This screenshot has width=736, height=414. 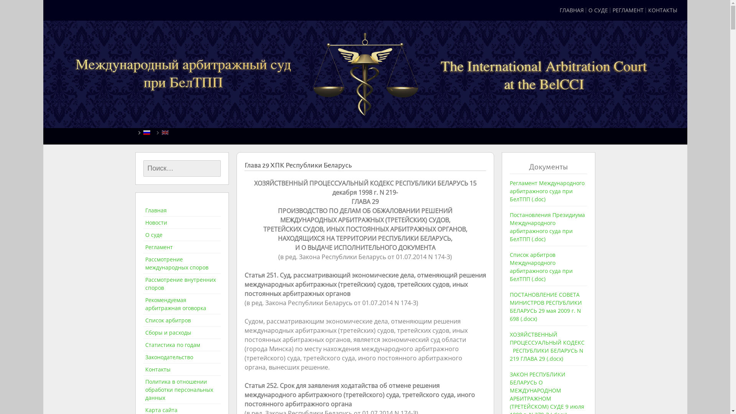 I want to click on 'English (en)', so click(x=165, y=131).